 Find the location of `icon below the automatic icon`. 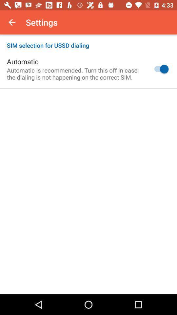

icon below the automatic icon is located at coordinates (74, 73).